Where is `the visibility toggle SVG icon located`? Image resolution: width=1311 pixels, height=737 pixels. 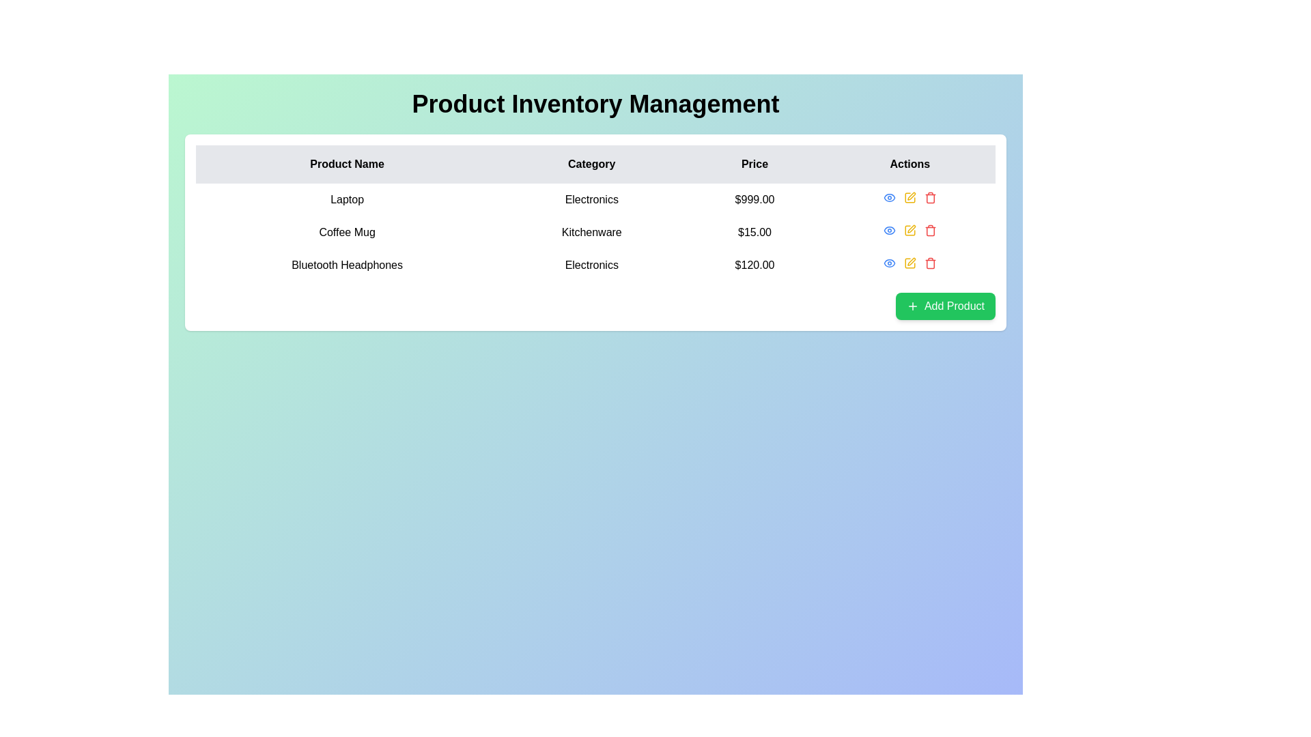 the visibility toggle SVG icon located is located at coordinates (889, 230).